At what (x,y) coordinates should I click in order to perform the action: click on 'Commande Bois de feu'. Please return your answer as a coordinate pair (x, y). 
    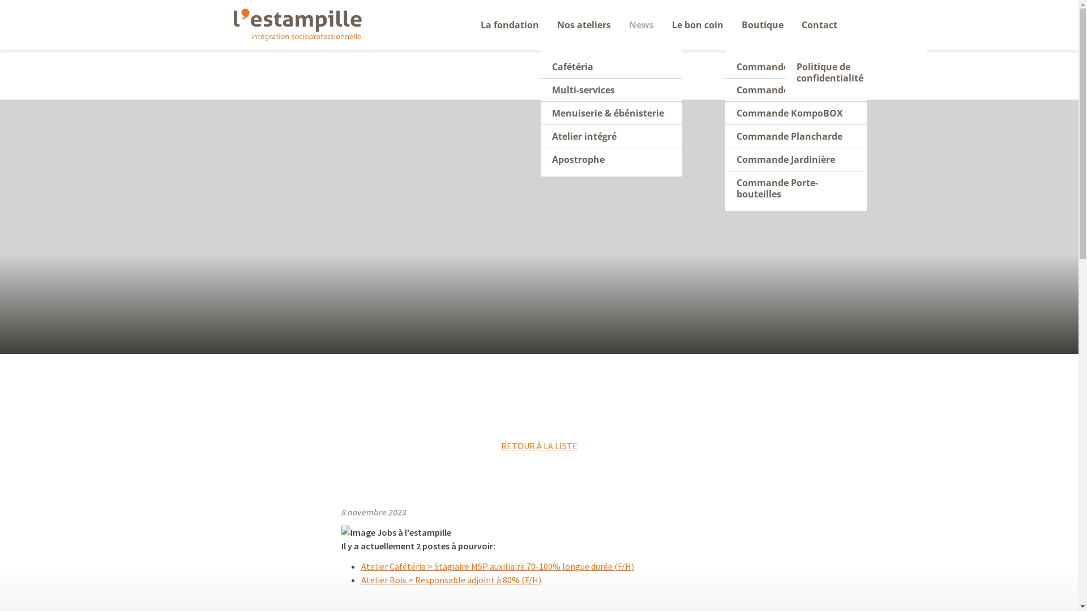
    Looking at the image, I should click on (795, 89).